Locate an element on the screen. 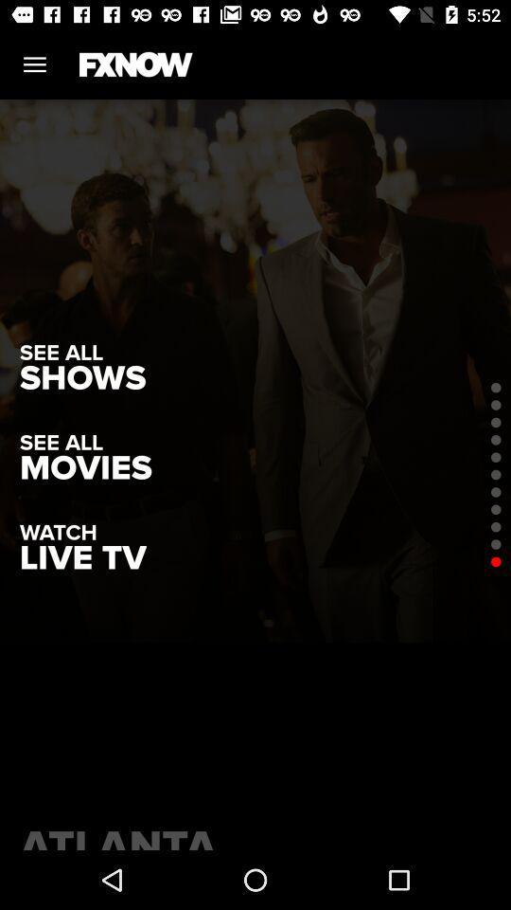 The image size is (511, 910). shows is located at coordinates (81, 377).